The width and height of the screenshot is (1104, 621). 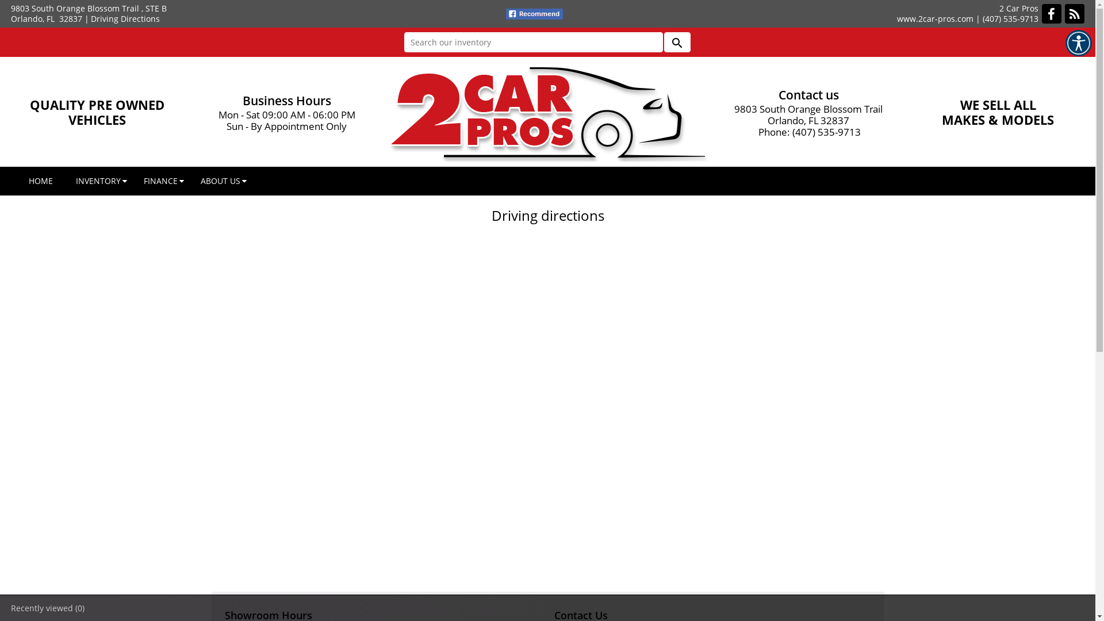 What do you see at coordinates (160, 181) in the screenshot?
I see `'FINANCE'` at bounding box center [160, 181].